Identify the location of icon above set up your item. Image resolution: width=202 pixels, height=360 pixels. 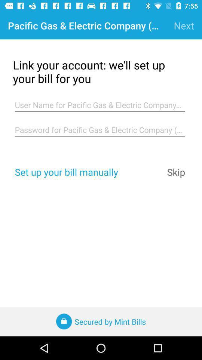
(100, 130).